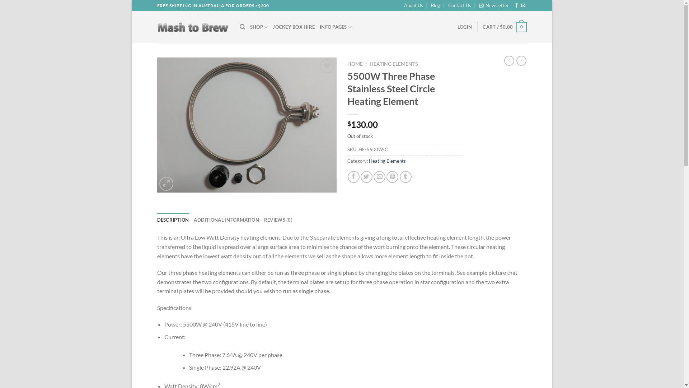  What do you see at coordinates (465, 26) in the screenshot?
I see `'LOGIN'` at bounding box center [465, 26].